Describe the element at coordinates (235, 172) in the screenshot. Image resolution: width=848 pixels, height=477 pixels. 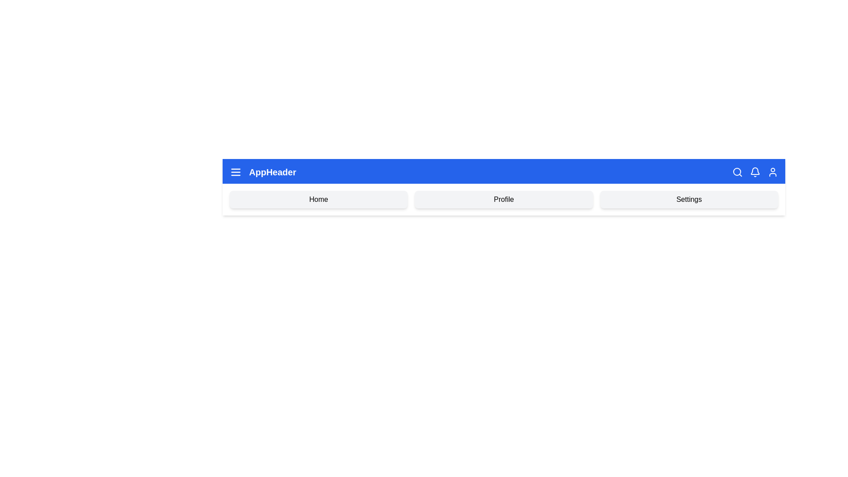
I see `the menu icon to toggle the menu visibility` at that location.